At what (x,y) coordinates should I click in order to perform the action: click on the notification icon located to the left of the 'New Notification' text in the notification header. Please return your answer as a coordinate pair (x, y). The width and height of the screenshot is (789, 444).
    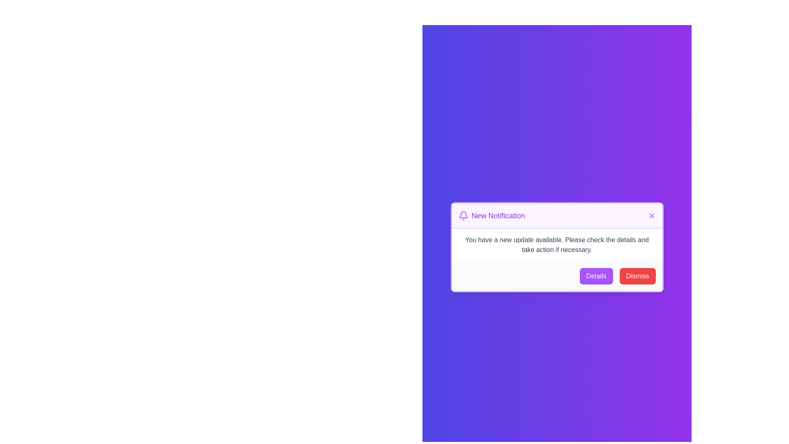
    Looking at the image, I should click on (463, 214).